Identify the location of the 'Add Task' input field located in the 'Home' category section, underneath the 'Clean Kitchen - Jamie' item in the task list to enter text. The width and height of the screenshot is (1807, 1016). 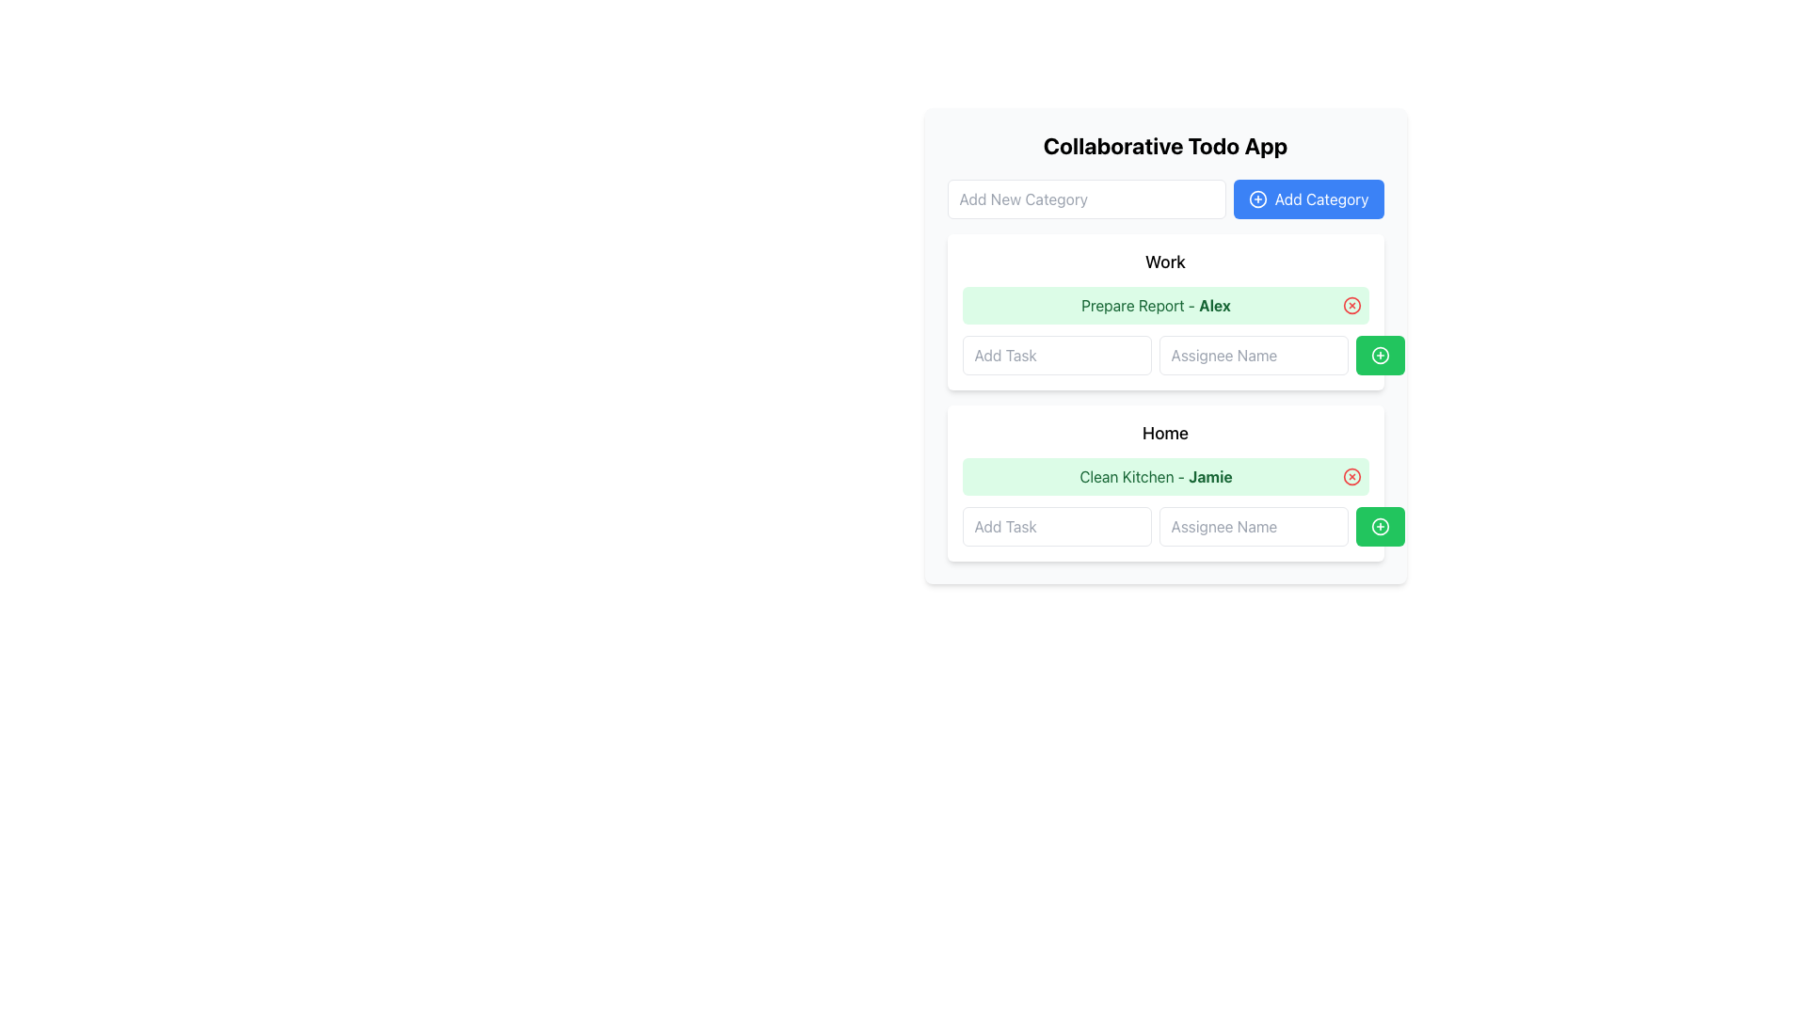
(1164, 526).